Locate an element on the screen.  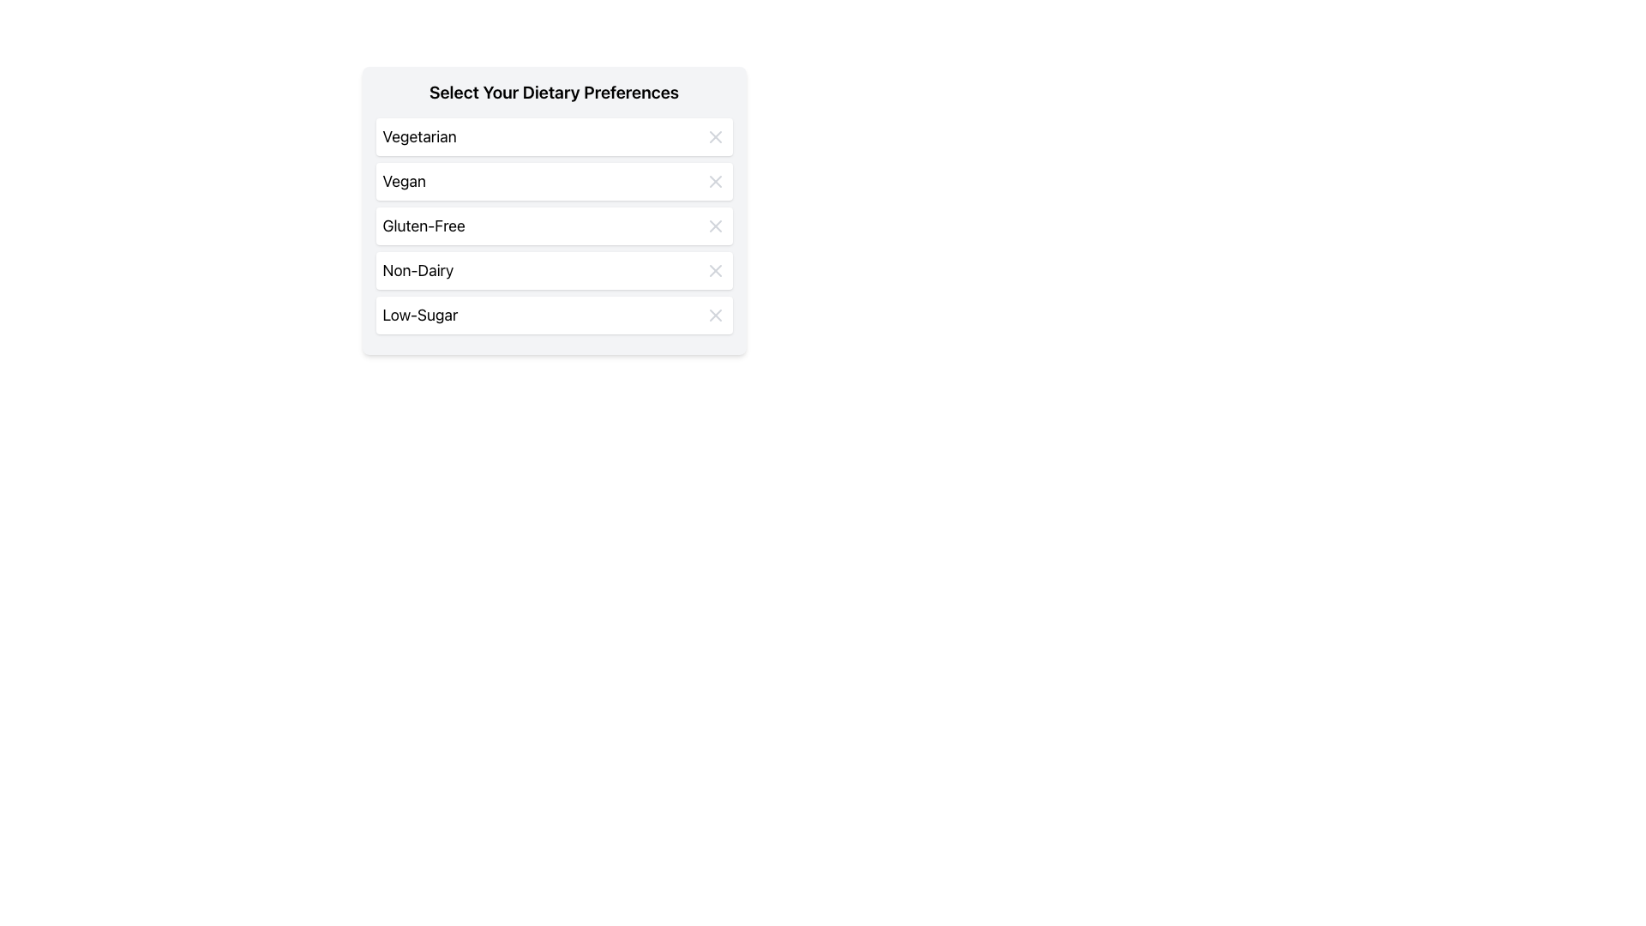
the 'Vegan' text label in the dietary preferences list, which is the second item in the vertical list and aligned to the left is located at coordinates (403, 182).